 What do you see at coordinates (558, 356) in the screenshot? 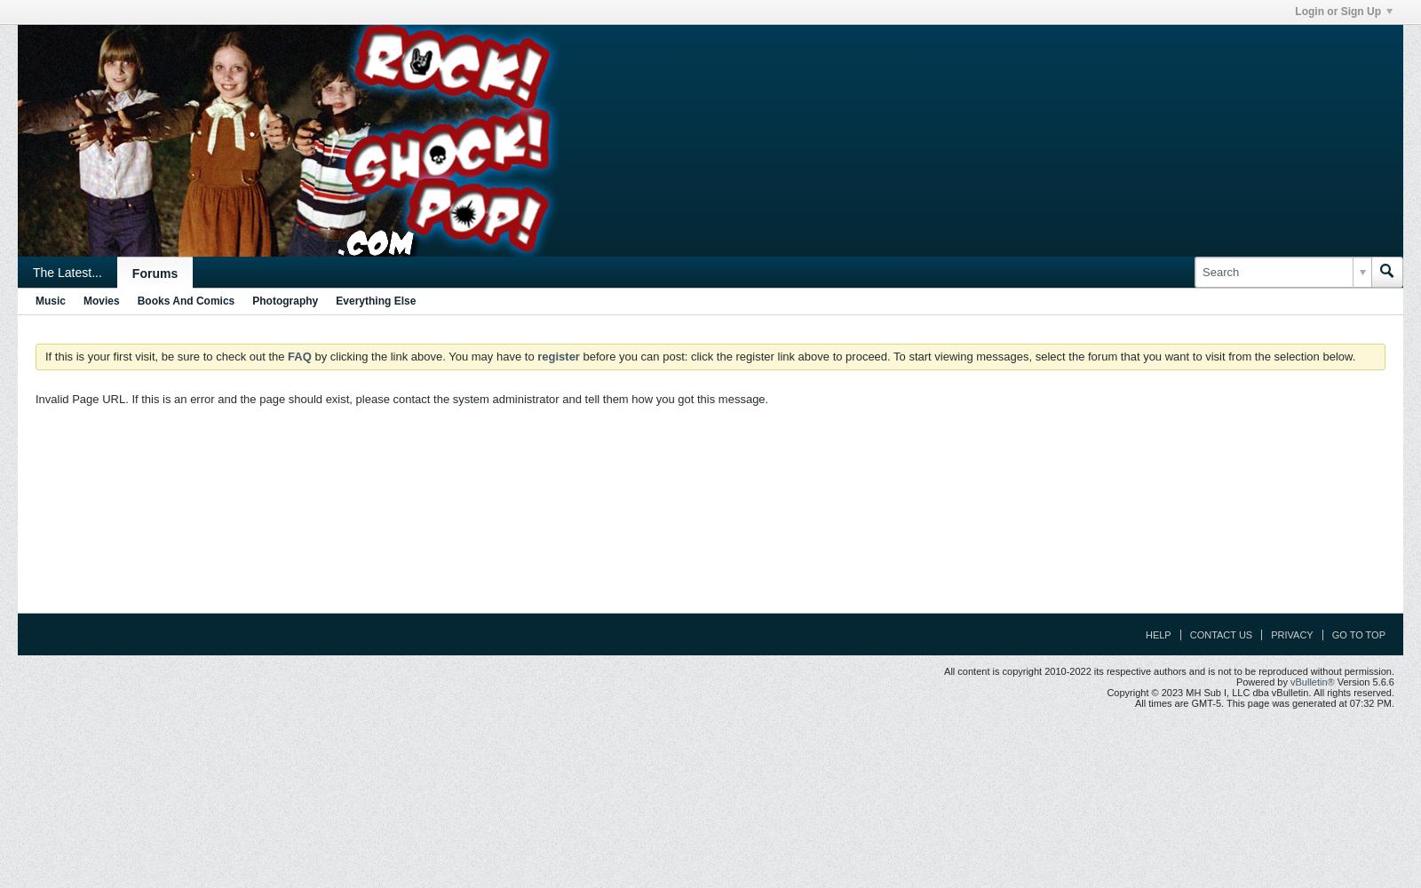
I see `'register'` at bounding box center [558, 356].